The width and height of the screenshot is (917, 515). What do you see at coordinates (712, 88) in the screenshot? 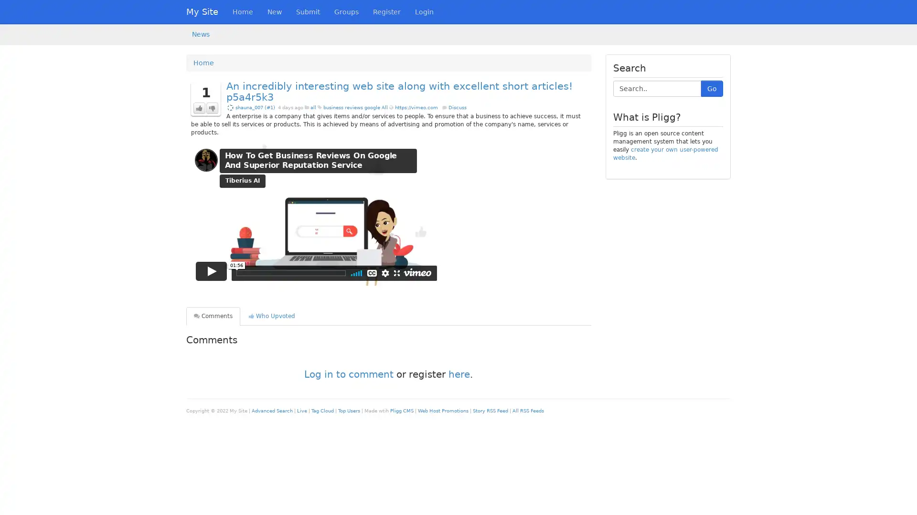
I see `Go` at bounding box center [712, 88].